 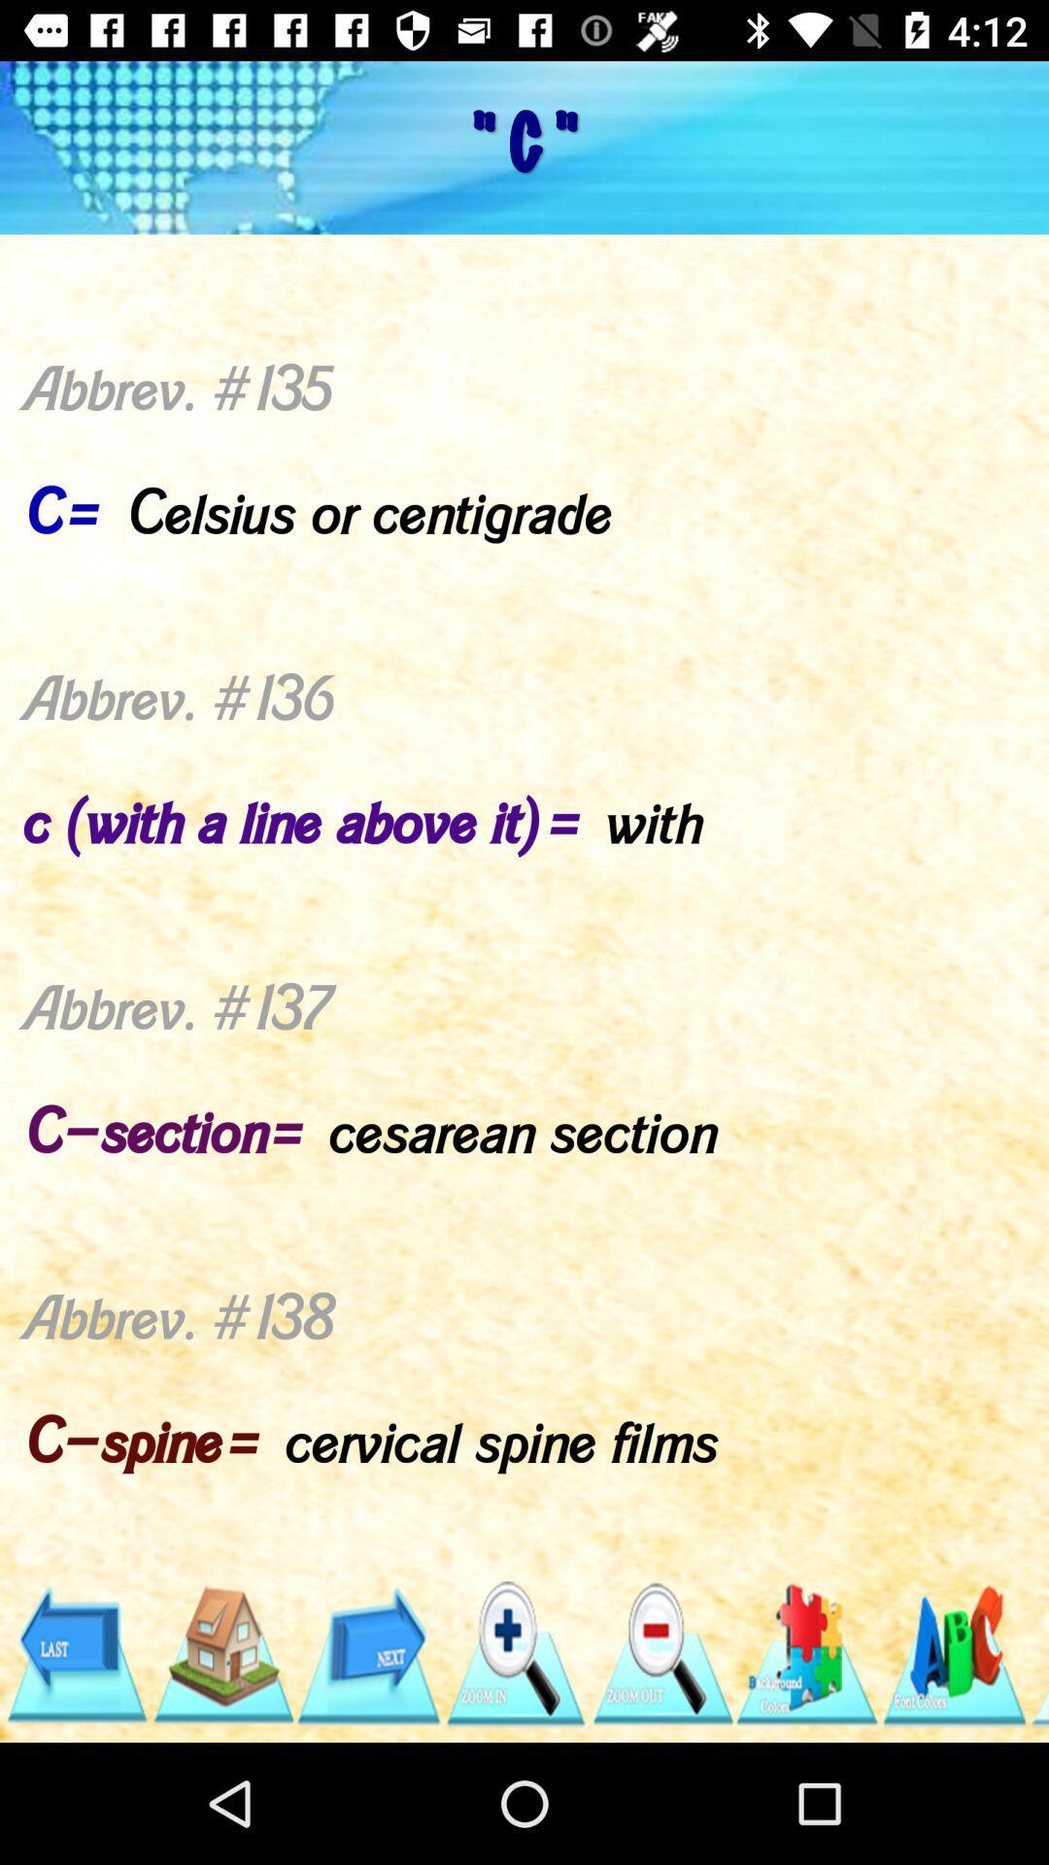 What do you see at coordinates (75, 1653) in the screenshot?
I see `go back` at bounding box center [75, 1653].